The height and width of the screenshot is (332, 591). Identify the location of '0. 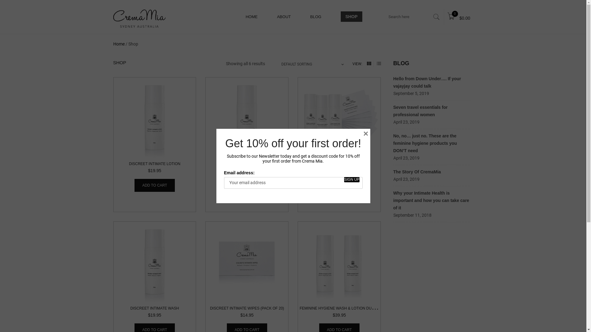
(459, 17).